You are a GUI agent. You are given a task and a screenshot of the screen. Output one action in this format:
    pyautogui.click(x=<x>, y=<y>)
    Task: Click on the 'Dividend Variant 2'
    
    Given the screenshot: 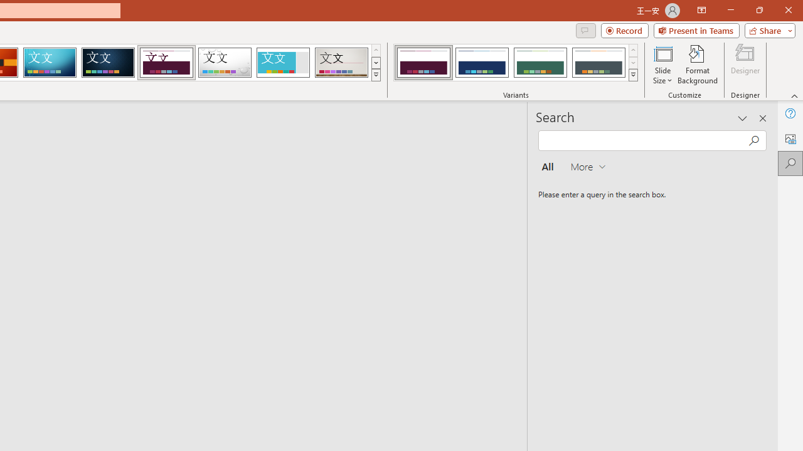 What is the action you would take?
    pyautogui.click(x=481, y=63)
    